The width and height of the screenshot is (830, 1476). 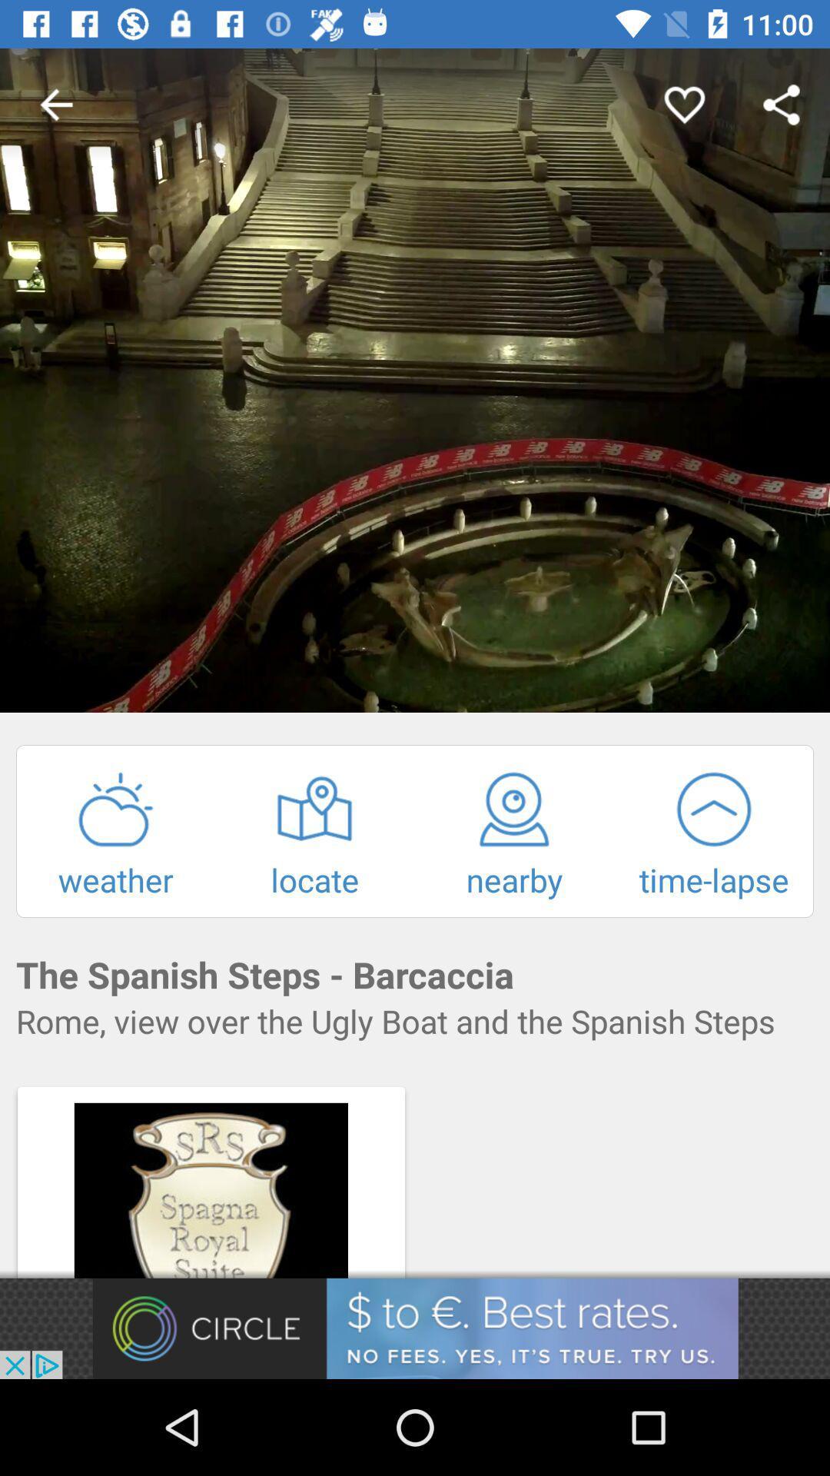 What do you see at coordinates (714, 834) in the screenshot?
I see `option right to nearby option` at bounding box center [714, 834].